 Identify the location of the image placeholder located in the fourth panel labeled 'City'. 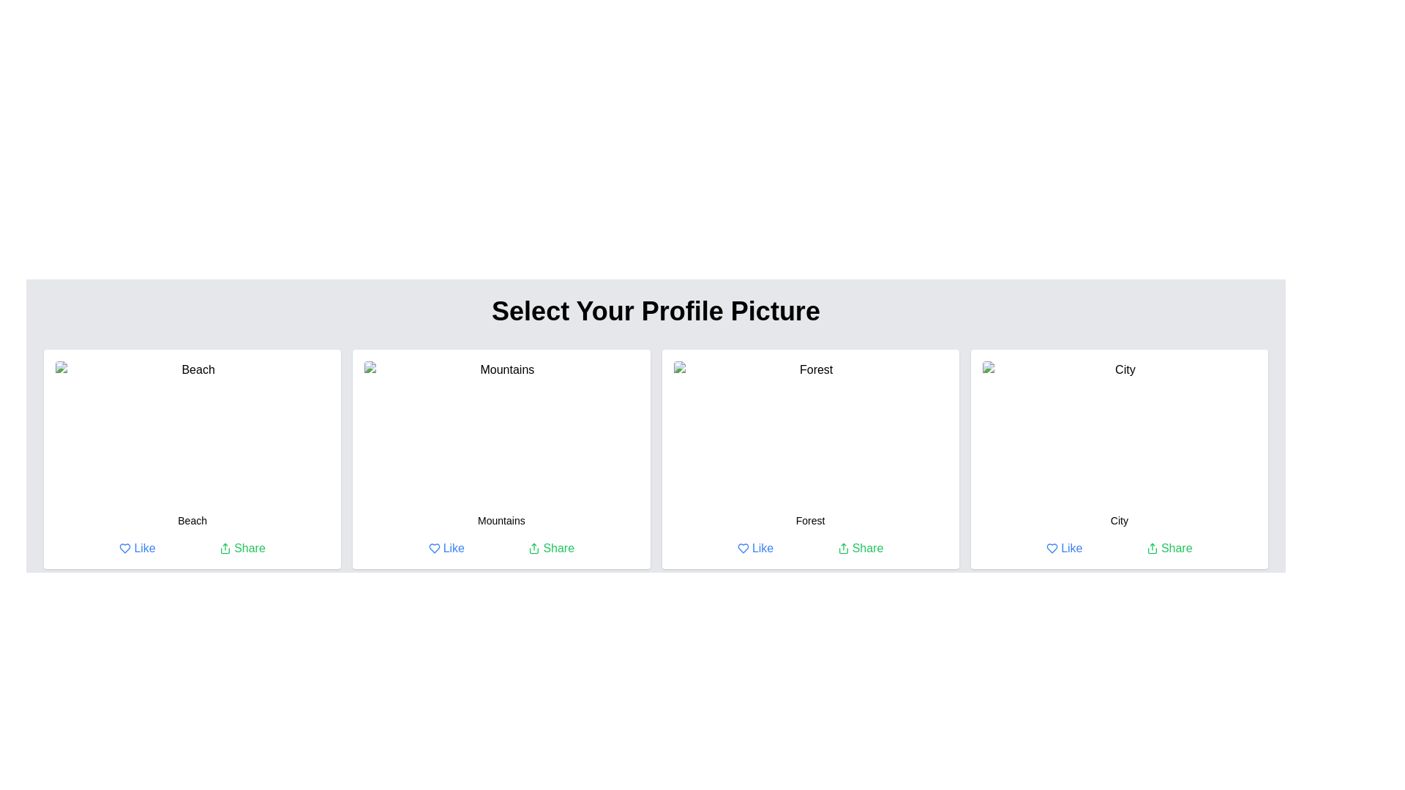
(1118, 431).